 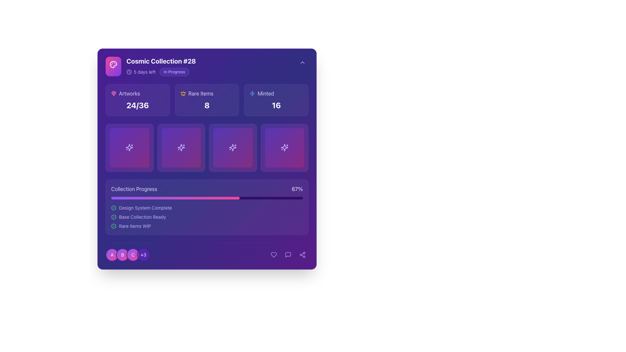 I want to click on the Status Indicator displaying '5 days left' next to the circular icon of 'Cosmic Collection #28', so click(x=141, y=72).